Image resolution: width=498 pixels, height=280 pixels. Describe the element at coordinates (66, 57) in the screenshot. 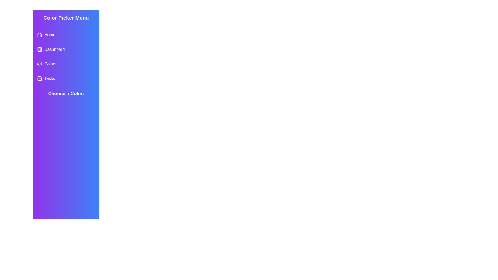

I see `icons or labels in the second item of the vertical navigation menu section titled 'Color Picker Menu', which contains the 'Dashboard' label and grid icon` at that location.